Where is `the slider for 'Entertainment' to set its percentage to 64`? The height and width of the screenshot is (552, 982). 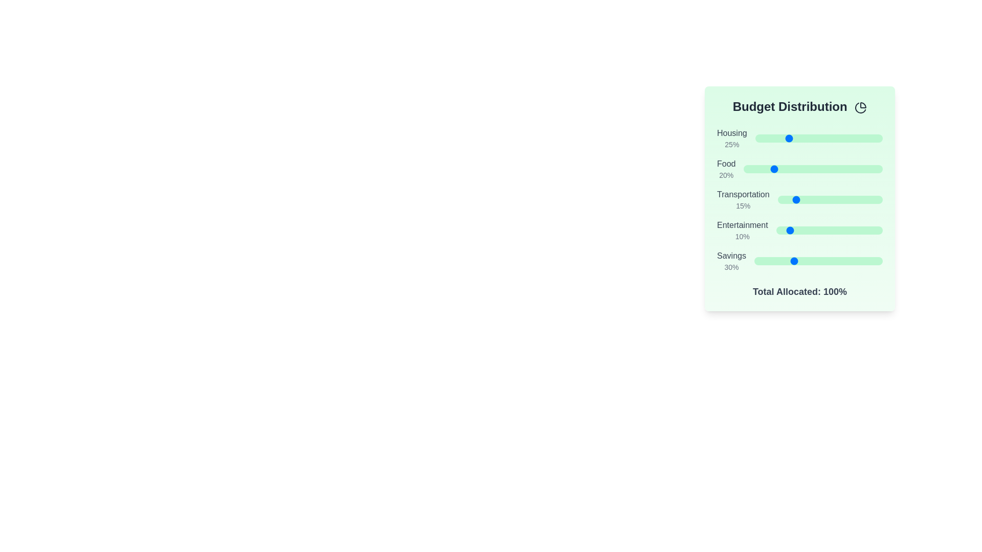 the slider for 'Entertainment' to set its percentage to 64 is located at coordinates (844, 231).